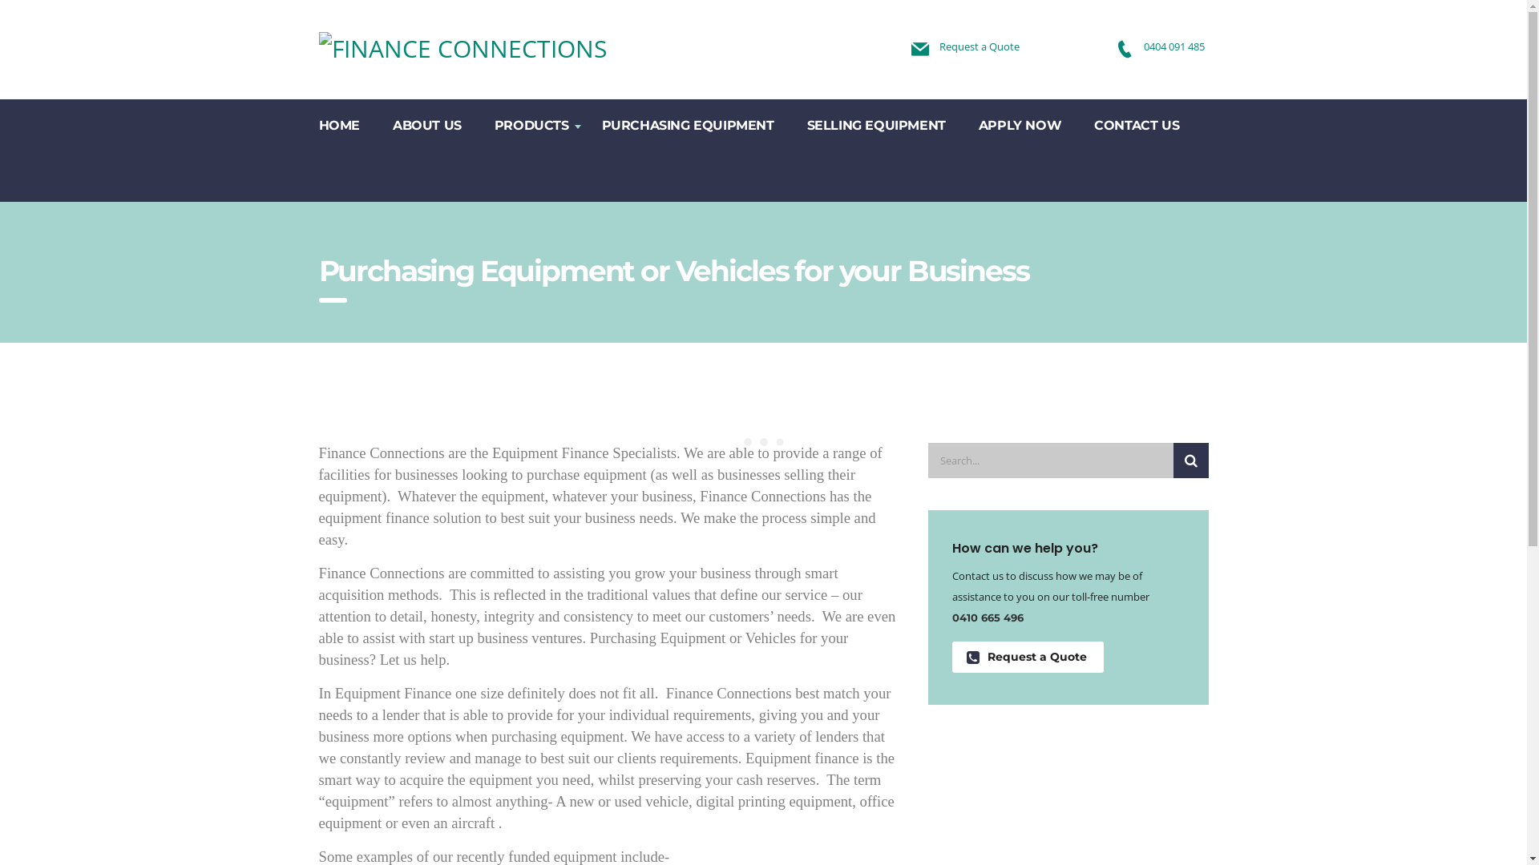  What do you see at coordinates (376, 123) in the screenshot?
I see `'ABOUT US'` at bounding box center [376, 123].